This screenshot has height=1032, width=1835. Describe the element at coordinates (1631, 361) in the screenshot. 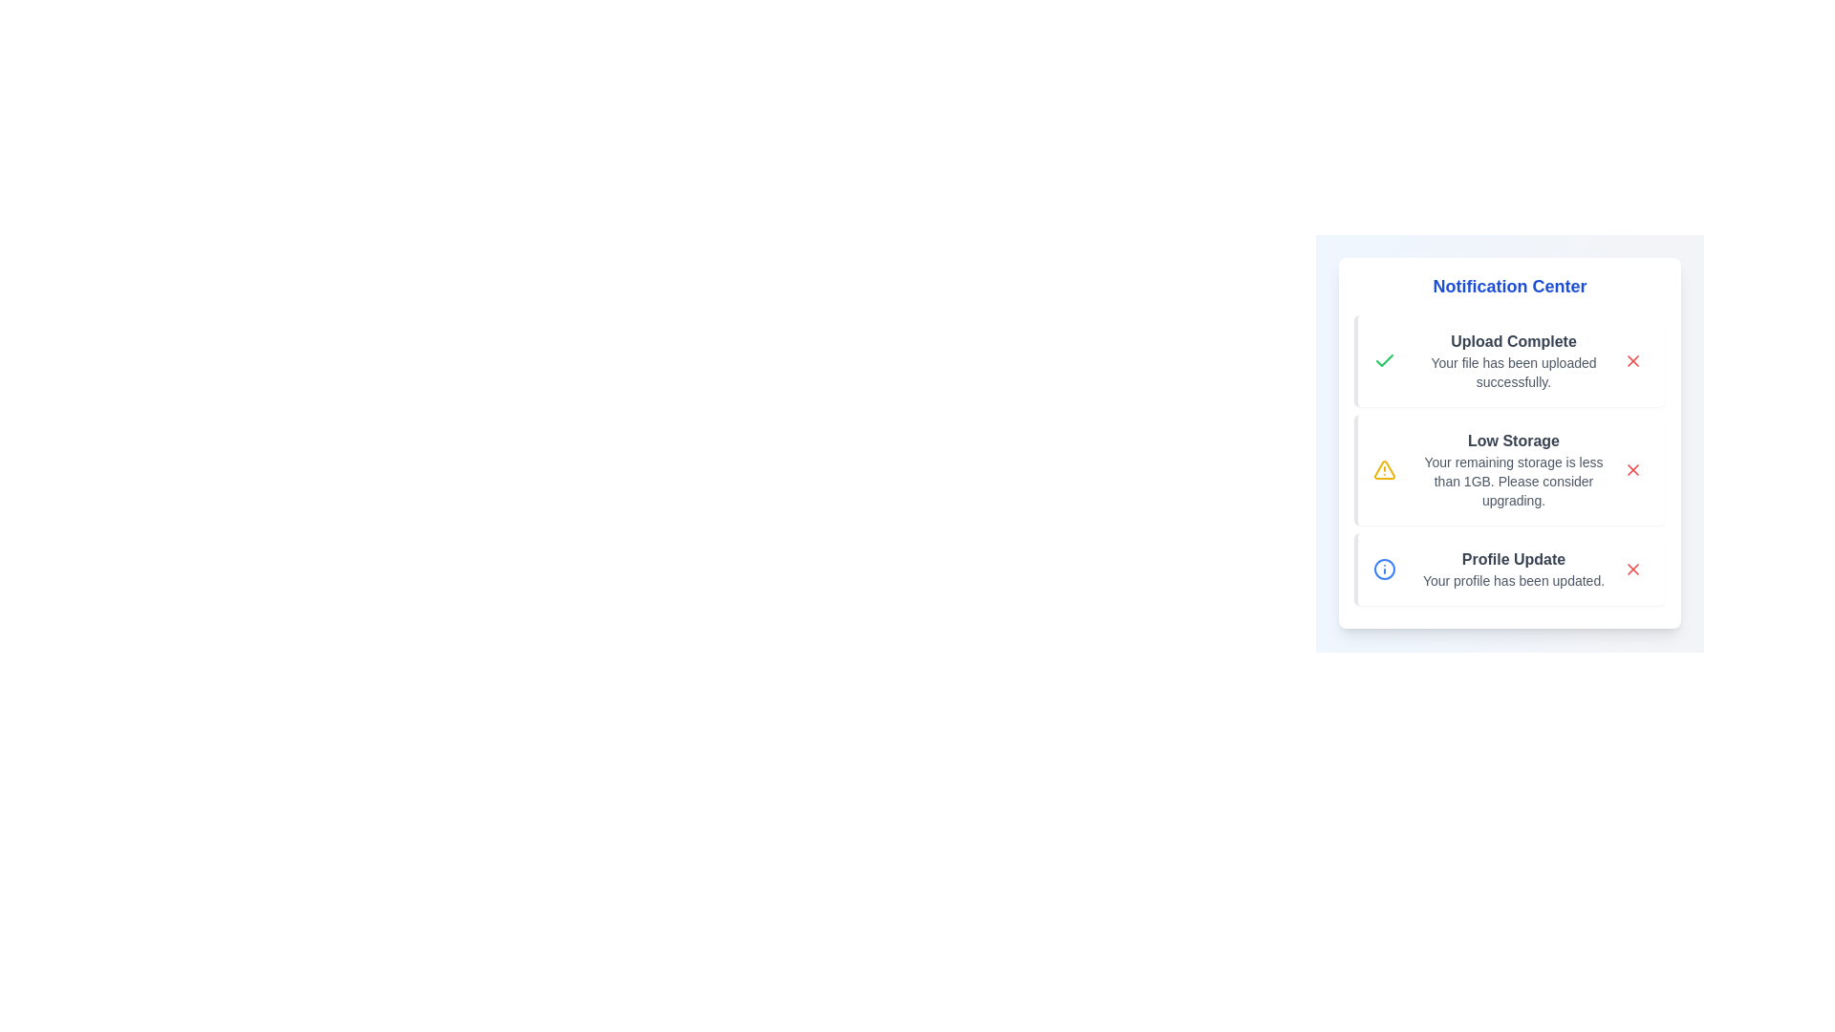

I see `the small red 'X' icon within the 'Upload Complete' notification card` at that location.